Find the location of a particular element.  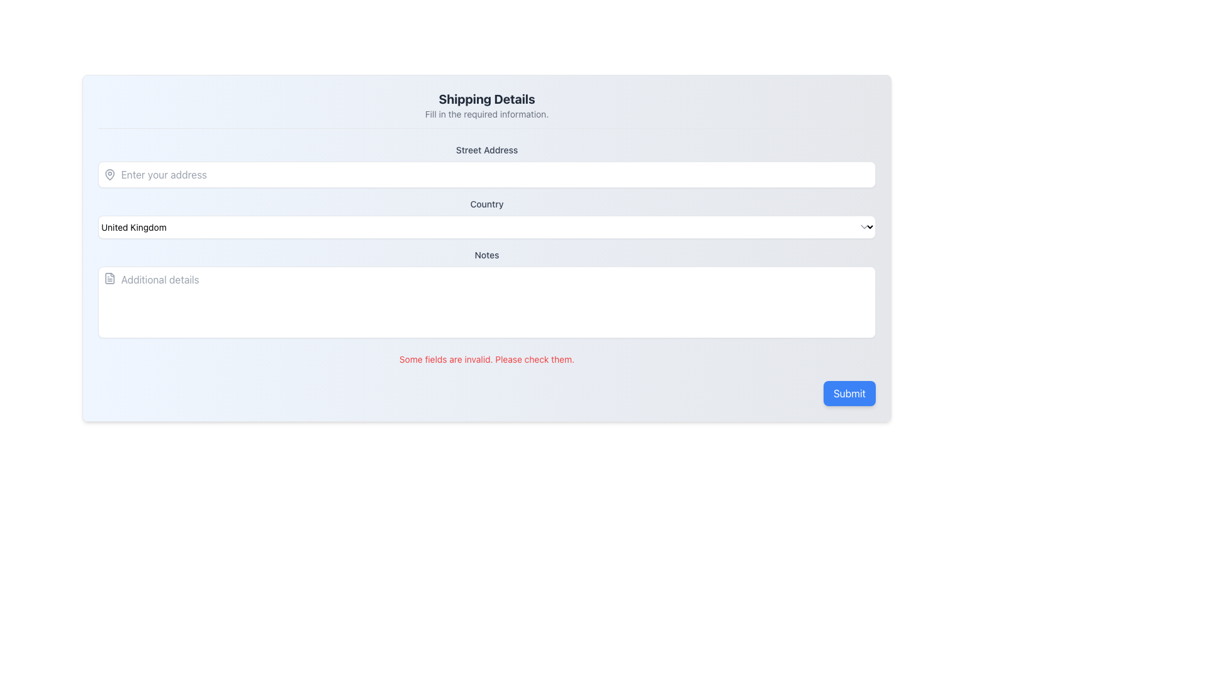

the 'Country' label text element located above the dropdown field for country selection, which indicates the purpose of the associated field is located at coordinates (486, 203).